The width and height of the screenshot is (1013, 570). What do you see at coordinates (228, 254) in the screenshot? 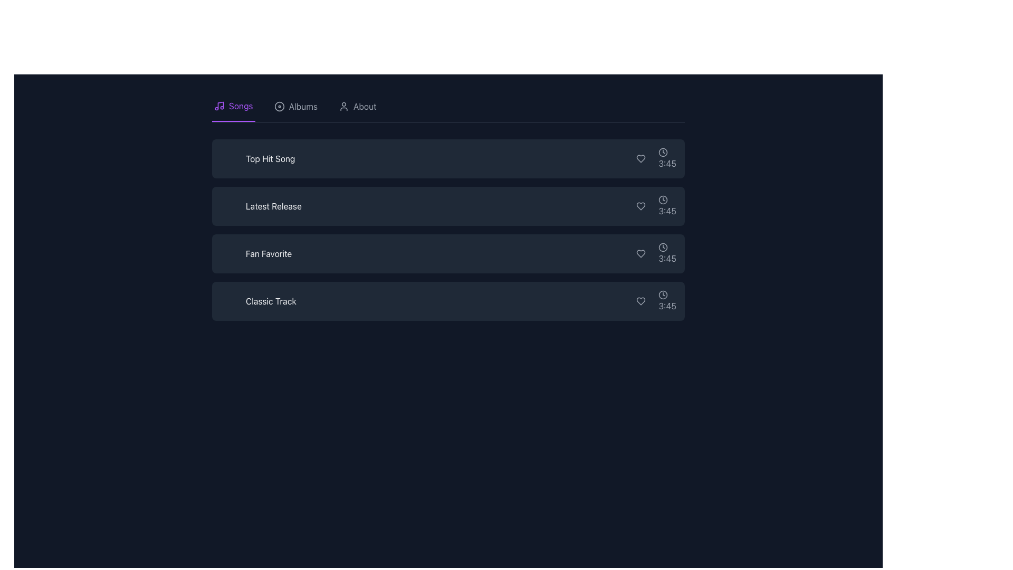
I see `the play button icon located to the left of the text label in the 'Fan Favorite' list item` at bounding box center [228, 254].